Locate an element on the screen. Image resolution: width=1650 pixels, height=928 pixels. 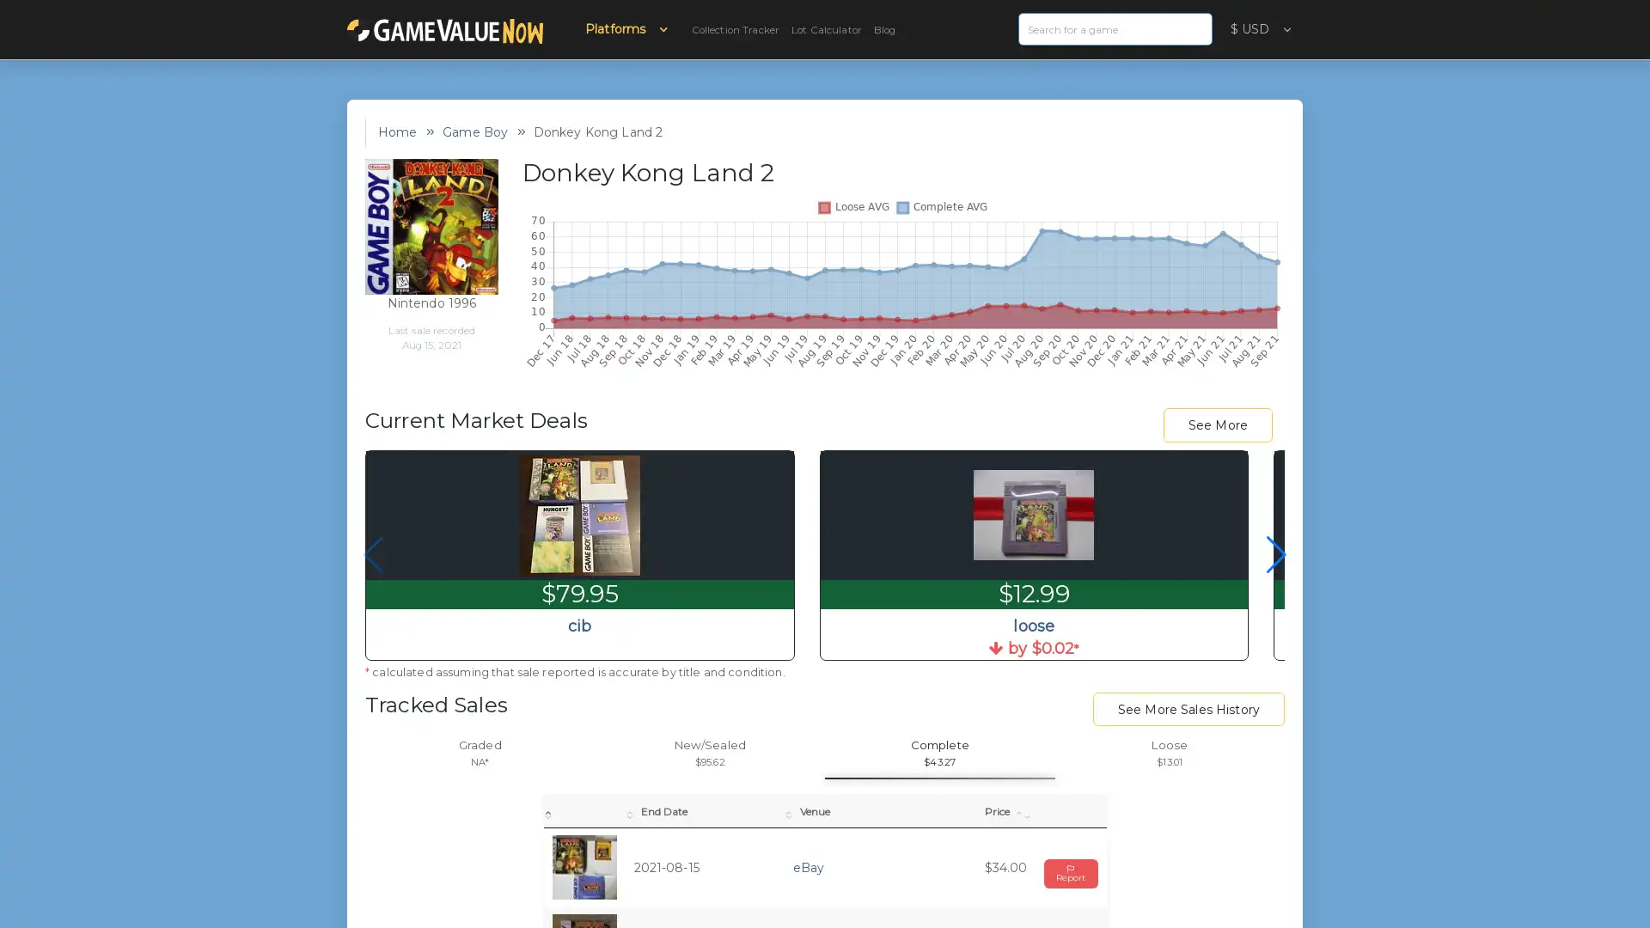
Report is located at coordinates (1070, 872).